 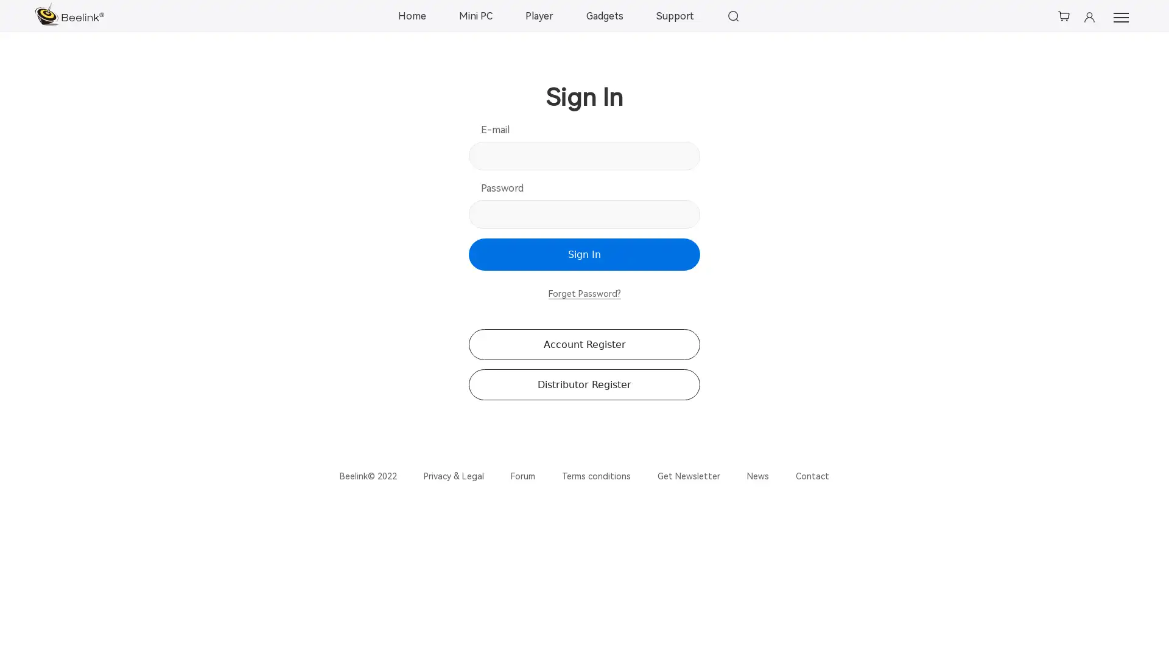 I want to click on Account Register, so click(x=584, y=344).